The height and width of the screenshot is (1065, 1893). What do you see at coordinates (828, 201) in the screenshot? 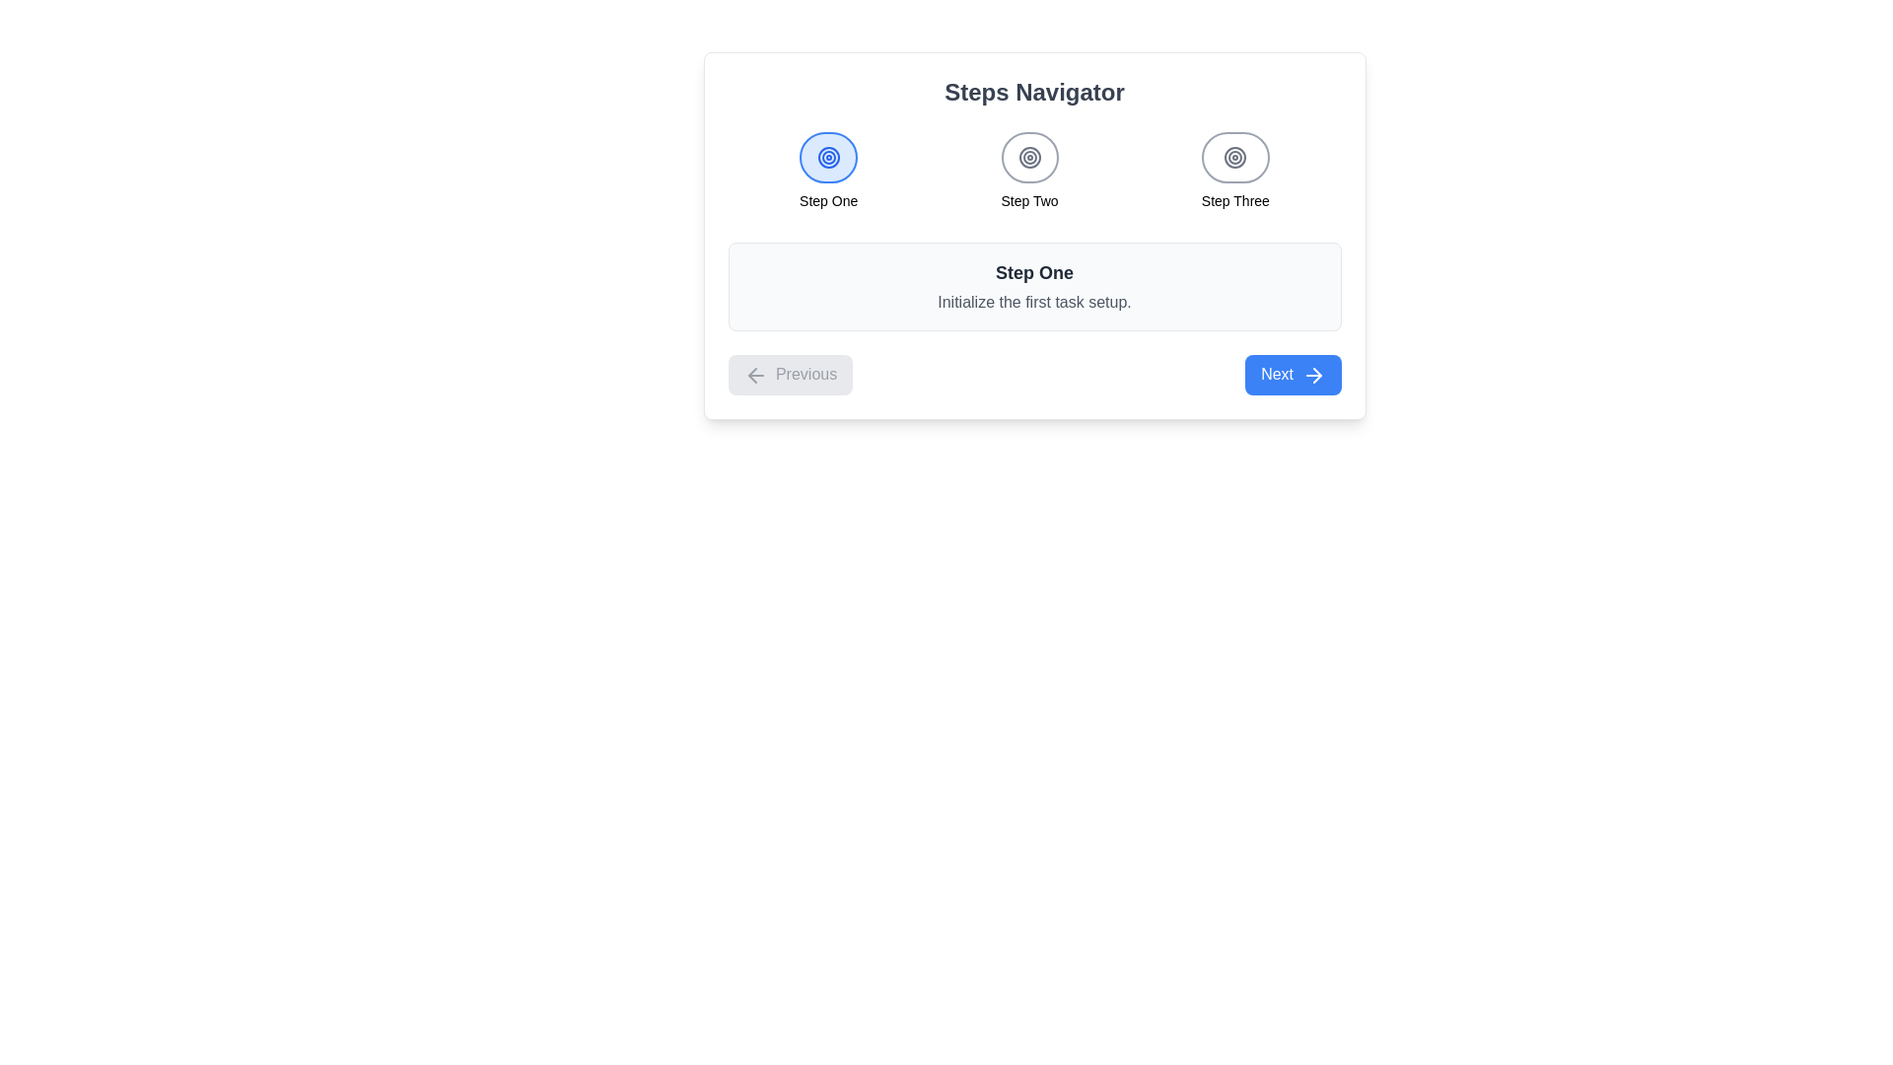
I see `the text content of the label indicating 'Step One', which is positioned below the first circular icon in the multi-step navigation interface` at bounding box center [828, 201].